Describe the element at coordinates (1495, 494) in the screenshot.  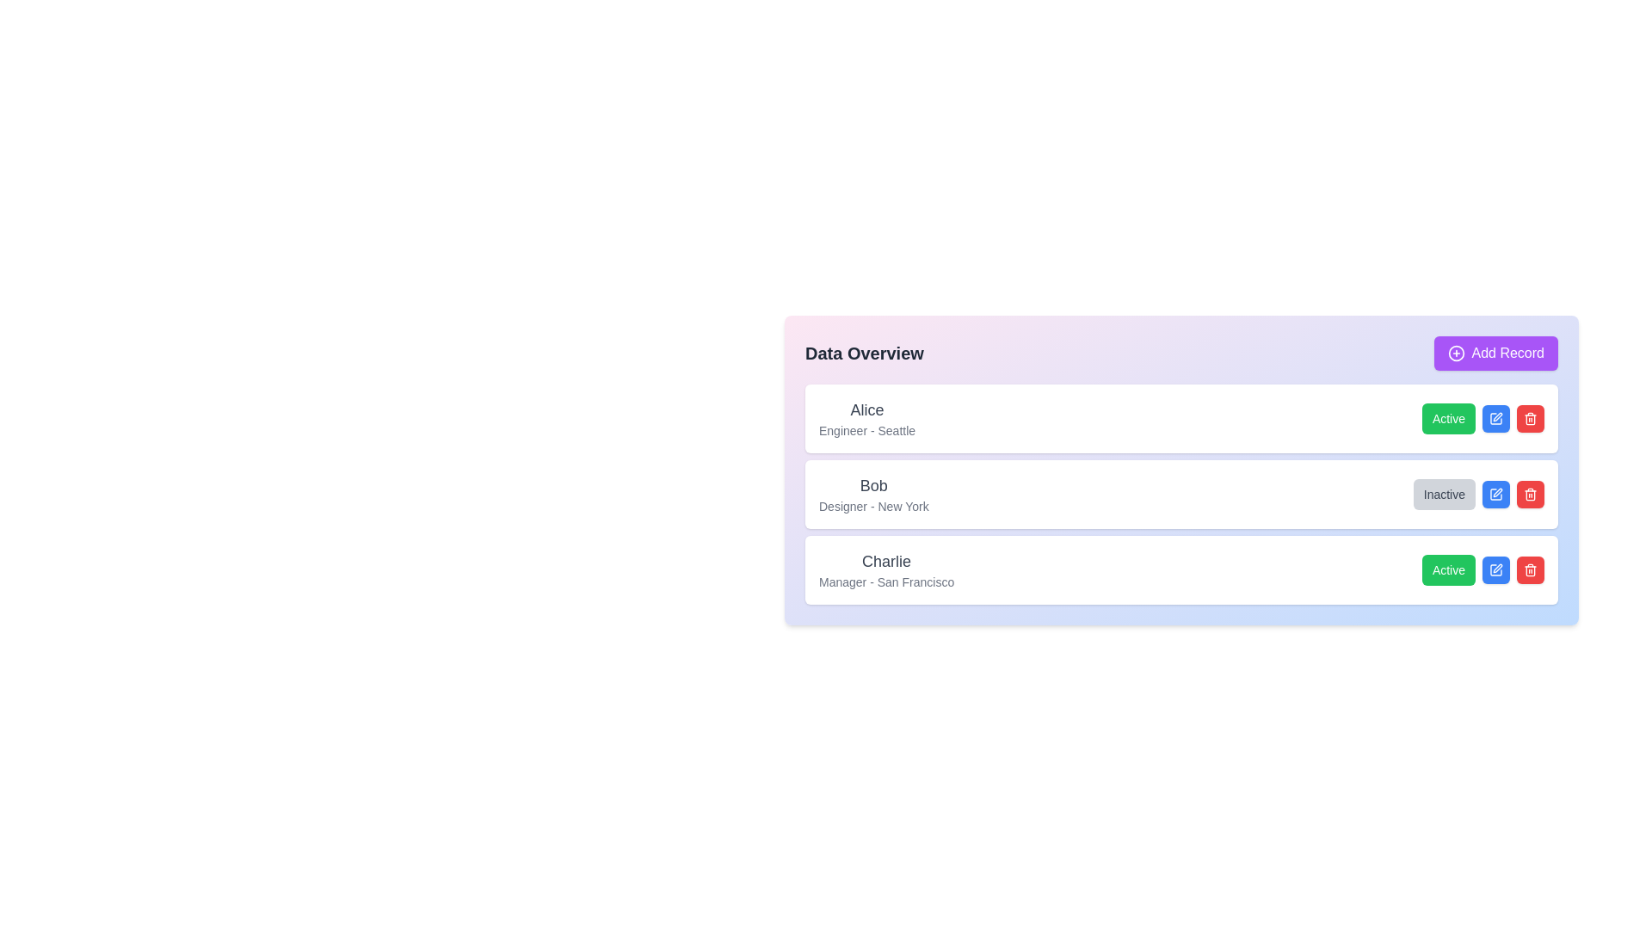
I see `the small blue button with a pencil icon to the right of the 'Inactive' status badge and left of the red trash can button for editing functionality` at that location.